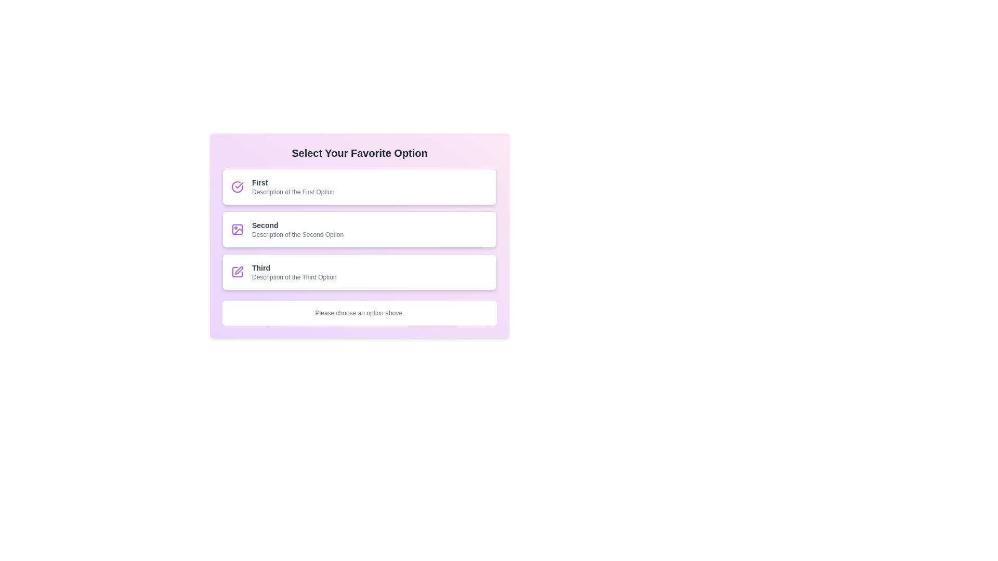  I want to click on the decorative vector graphic component located beside the textual label 'Third' in the list of selectable options, so click(237, 272).